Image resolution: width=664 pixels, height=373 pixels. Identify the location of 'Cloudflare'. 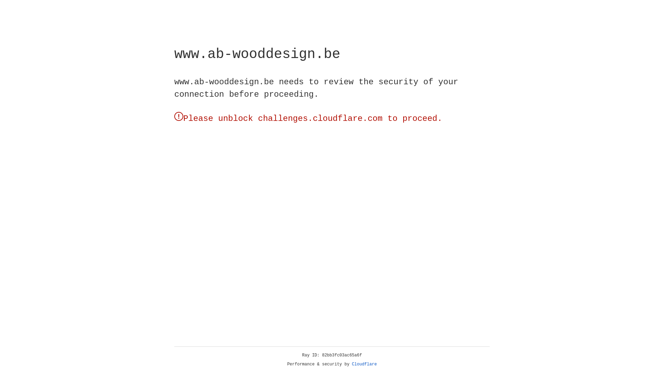
(364, 364).